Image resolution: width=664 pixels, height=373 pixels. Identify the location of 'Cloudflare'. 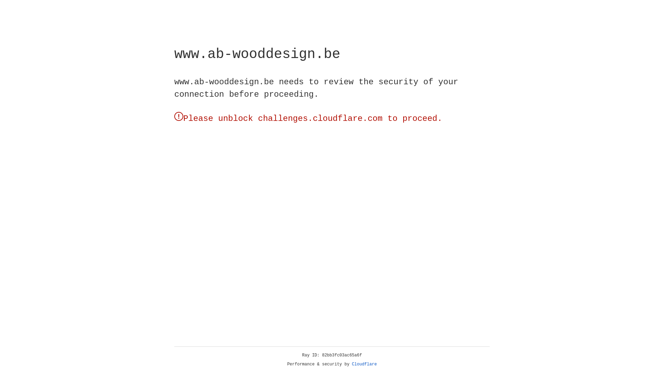
(364, 364).